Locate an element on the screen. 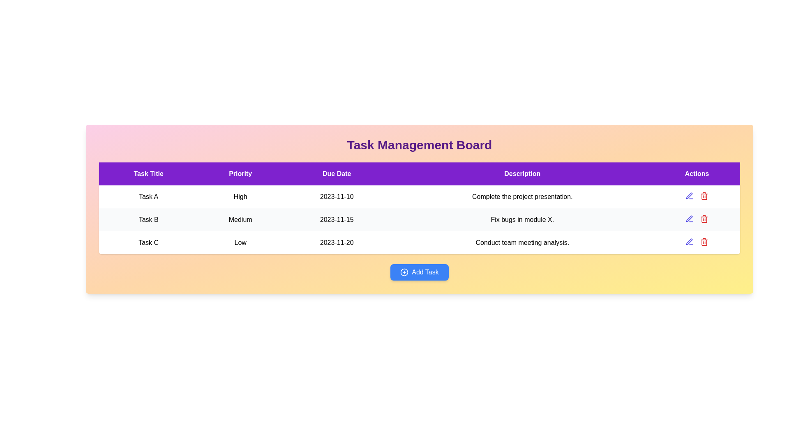 Image resolution: width=789 pixels, height=443 pixels. the Table Header Cell that has a purple background and displays the word 'Priority', positioned between 'Task Title' and 'Due Date' is located at coordinates (240, 174).